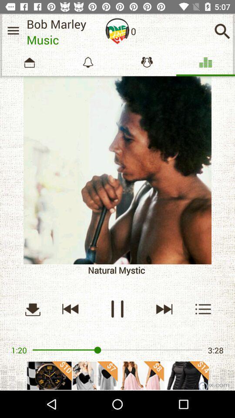  What do you see at coordinates (117, 31) in the screenshot?
I see `put on headphones` at bounding box center [117, 31].